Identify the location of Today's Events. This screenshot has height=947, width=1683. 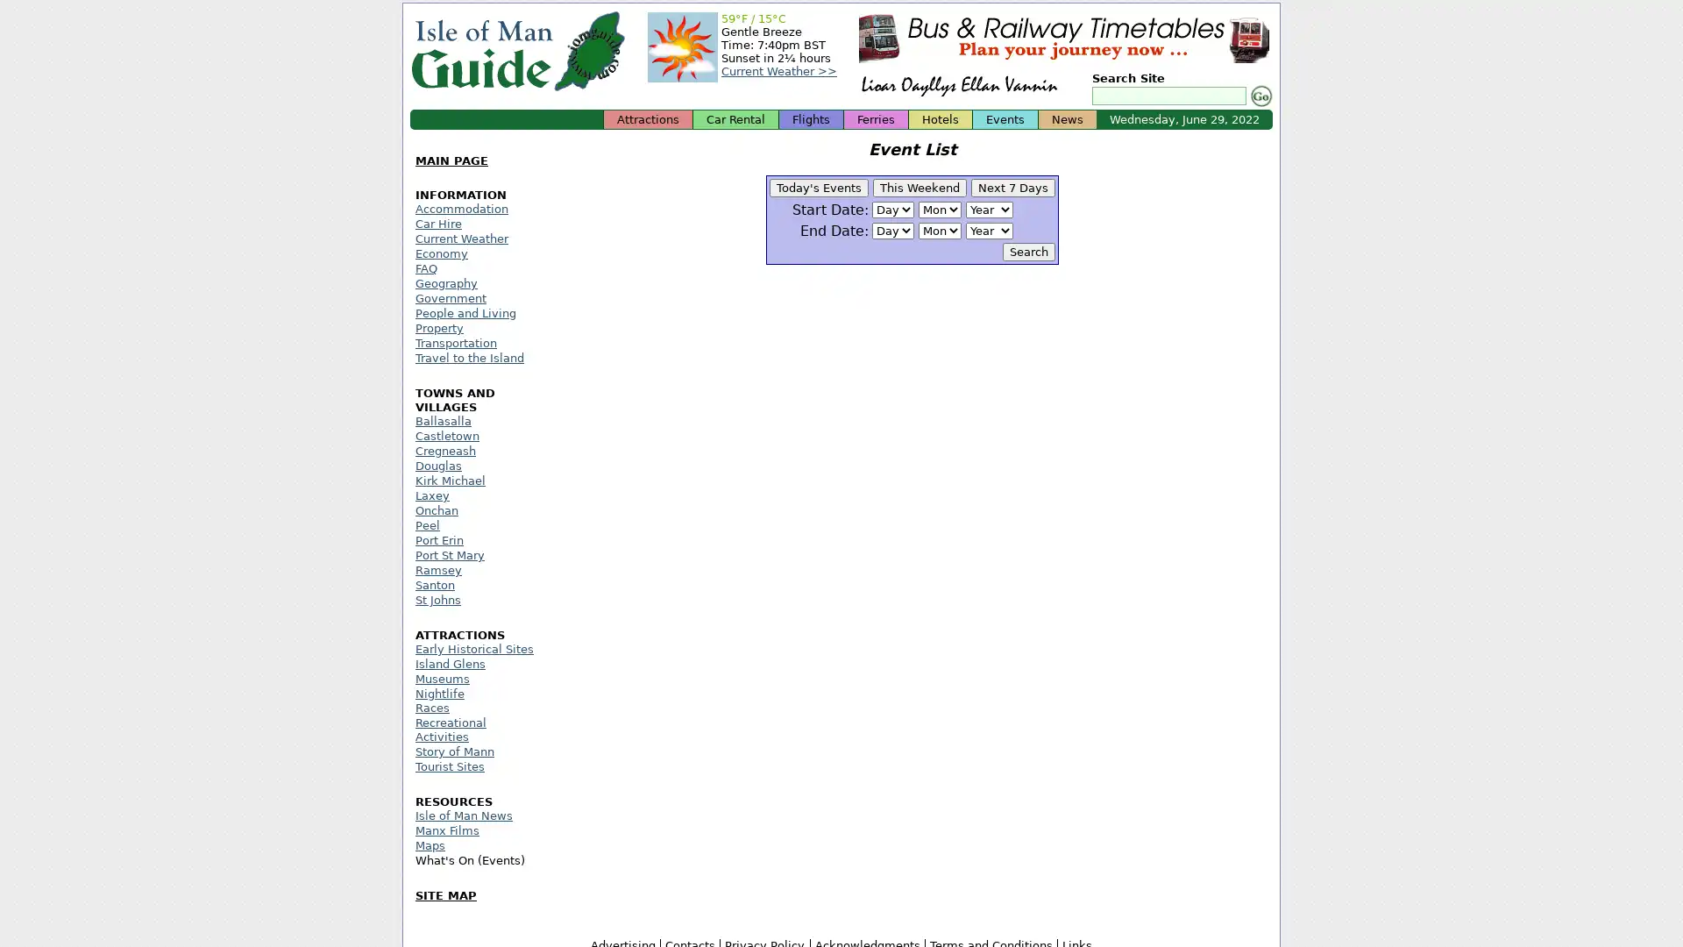
(818, 188).